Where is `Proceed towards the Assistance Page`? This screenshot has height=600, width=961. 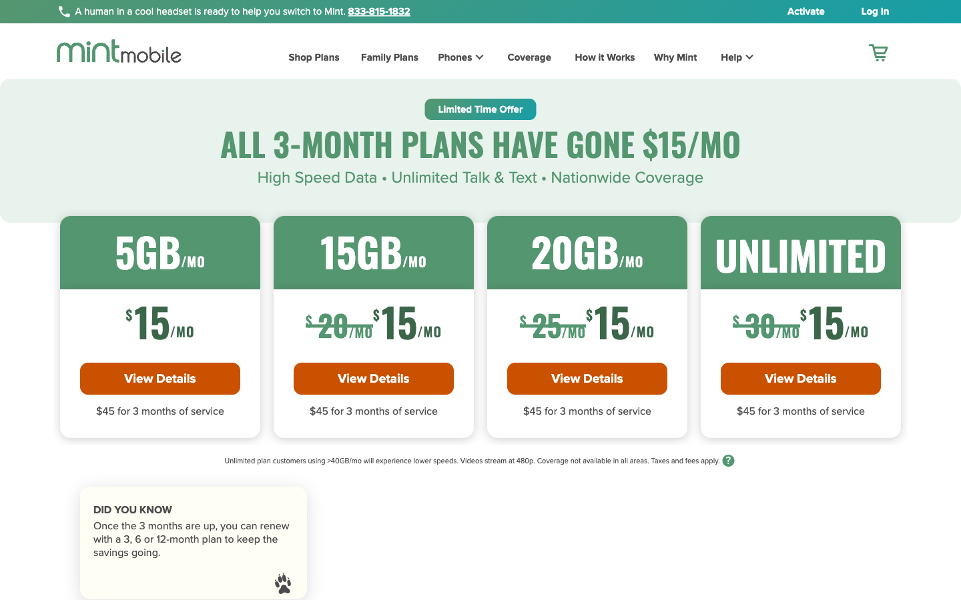 Proceed towards the Assistance Page is located at coordinates (728, 59).